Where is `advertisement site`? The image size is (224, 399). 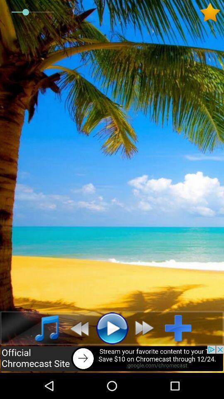 advertisement site is located at coordinates (112, 359).